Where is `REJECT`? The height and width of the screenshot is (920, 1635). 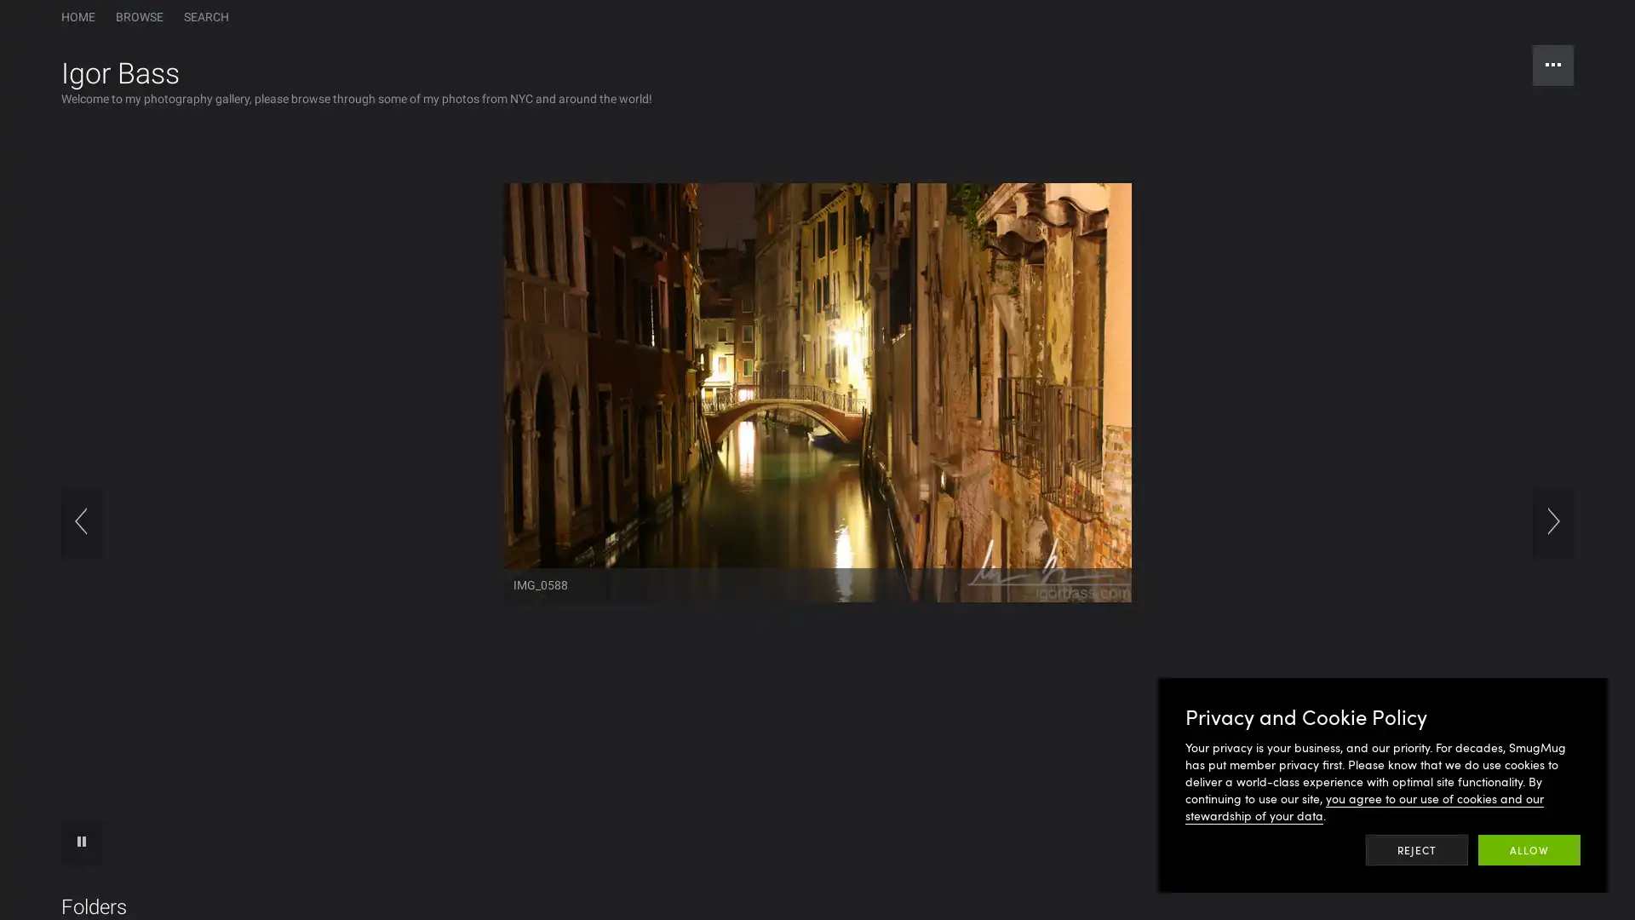
REJECT is located at coordinates (1417, 850).